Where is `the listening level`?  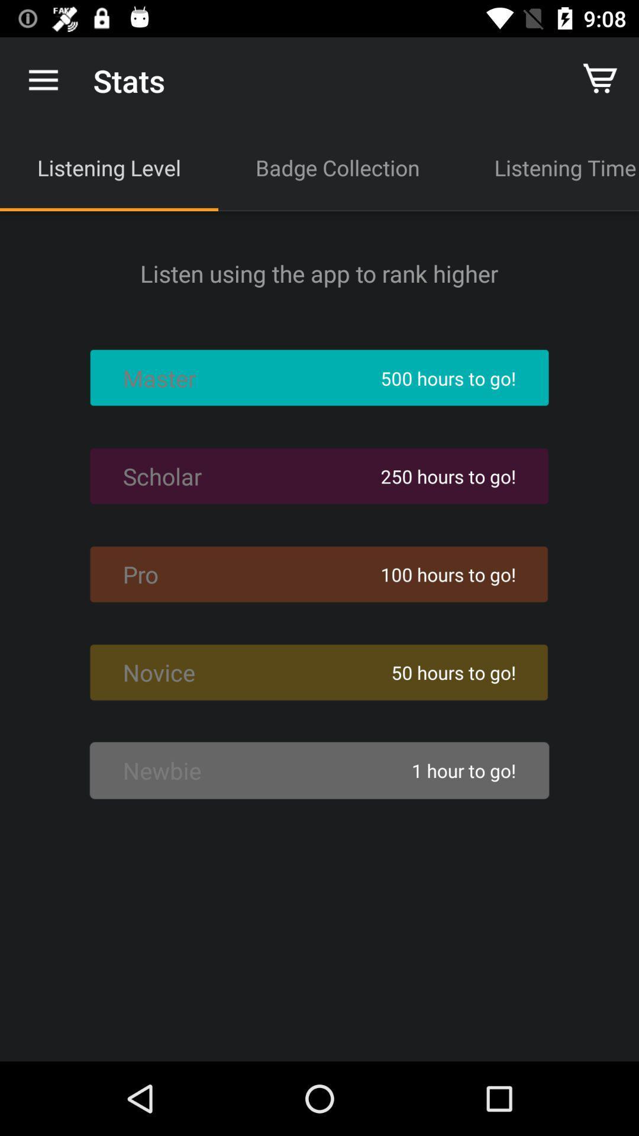
the listening level is located at coordinates (109, 167).